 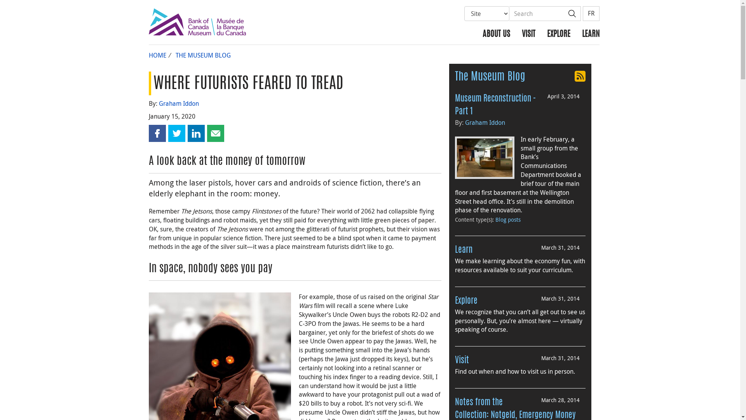 What do you see at coordinates (536, 13) in the screenshot?
I see `'Search'` at bounding box center [536, 13].